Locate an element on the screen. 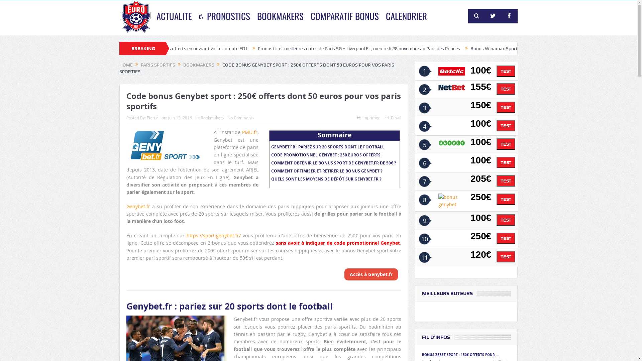 The height and width of the screenshot is (361, 642). 'ACTUALITE' is located at coordinates (174, 15).